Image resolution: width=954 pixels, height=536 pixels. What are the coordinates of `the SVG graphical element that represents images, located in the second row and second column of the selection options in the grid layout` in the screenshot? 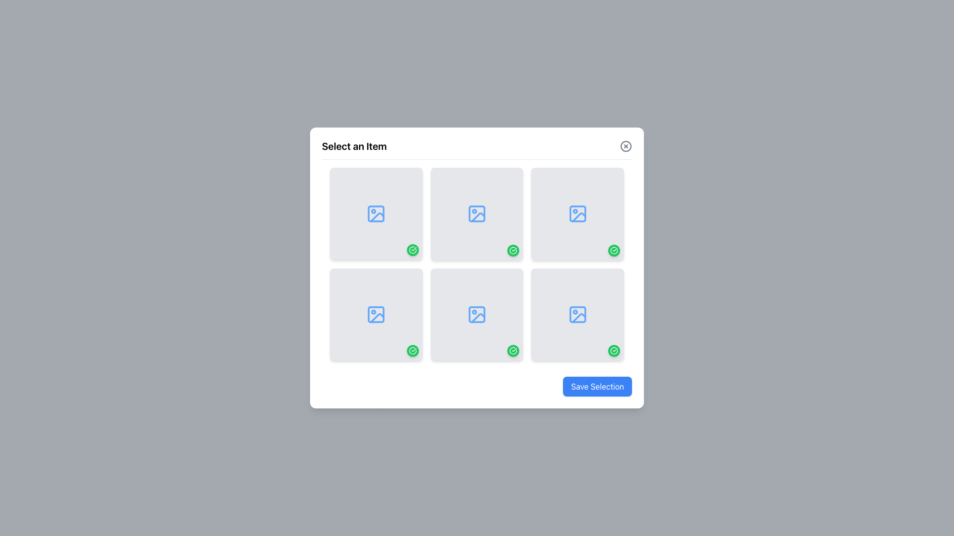 It's located at (477, 213).